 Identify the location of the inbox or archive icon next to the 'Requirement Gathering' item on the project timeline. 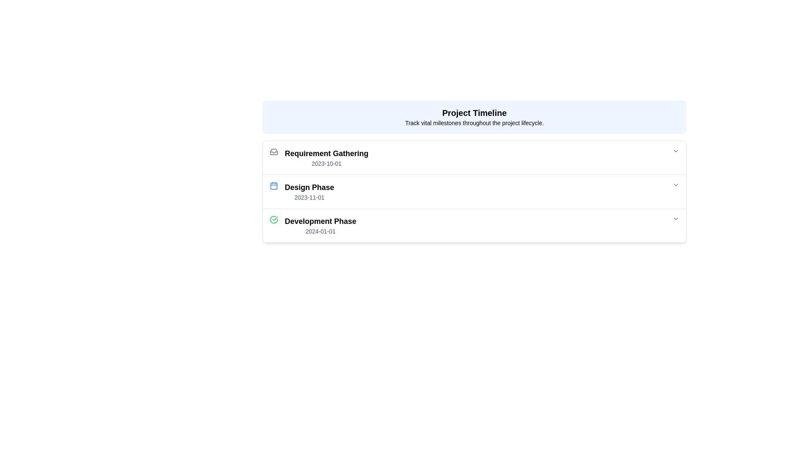
(274, 152).